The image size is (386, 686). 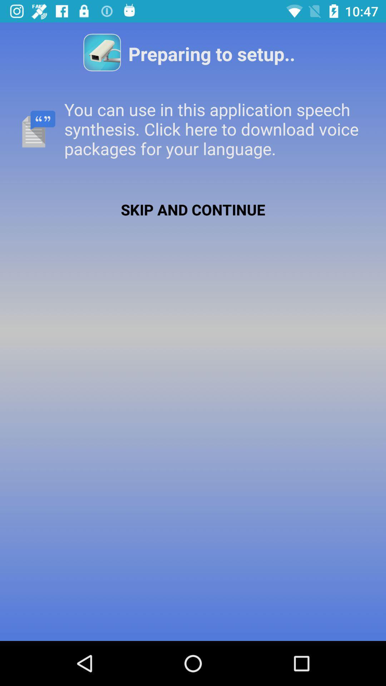 What do you see at coordinates (193, 129) in the screenshot?
I see `app below preparing to setup.. icon` at bounding box center [193, 129].